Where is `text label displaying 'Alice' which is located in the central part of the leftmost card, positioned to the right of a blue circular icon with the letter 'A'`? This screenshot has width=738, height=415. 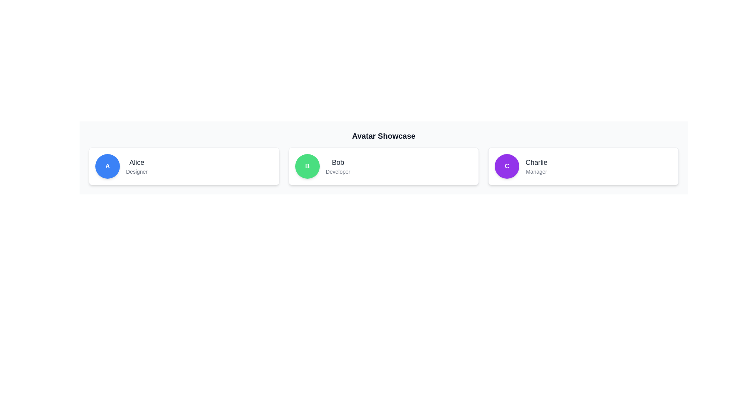
text label displaying 'Alice' which is located in the central part of the leftmost card, positioned to the right of a blue circular icon with the letter 'A' is located at coordinates (136, 166).